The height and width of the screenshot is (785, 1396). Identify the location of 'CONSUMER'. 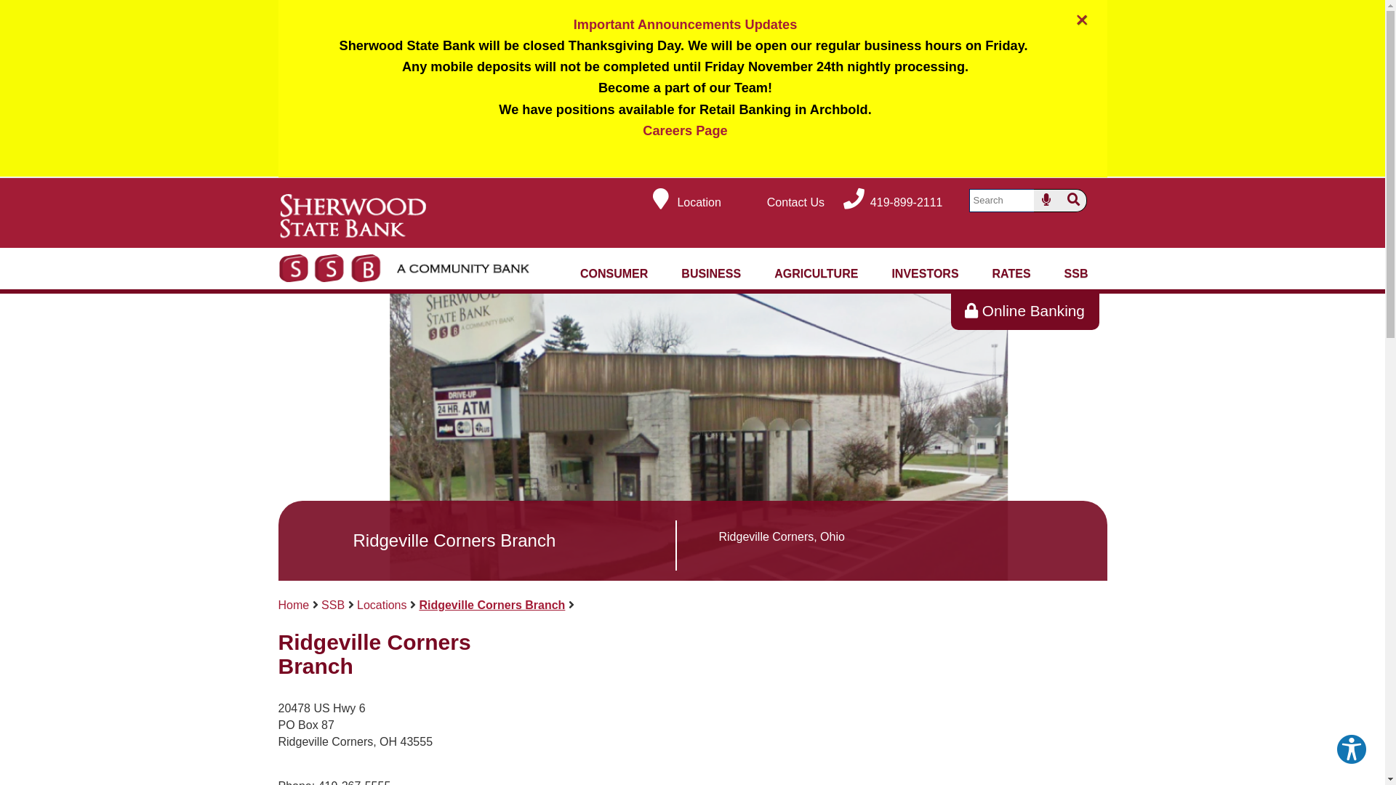
(614, 274).